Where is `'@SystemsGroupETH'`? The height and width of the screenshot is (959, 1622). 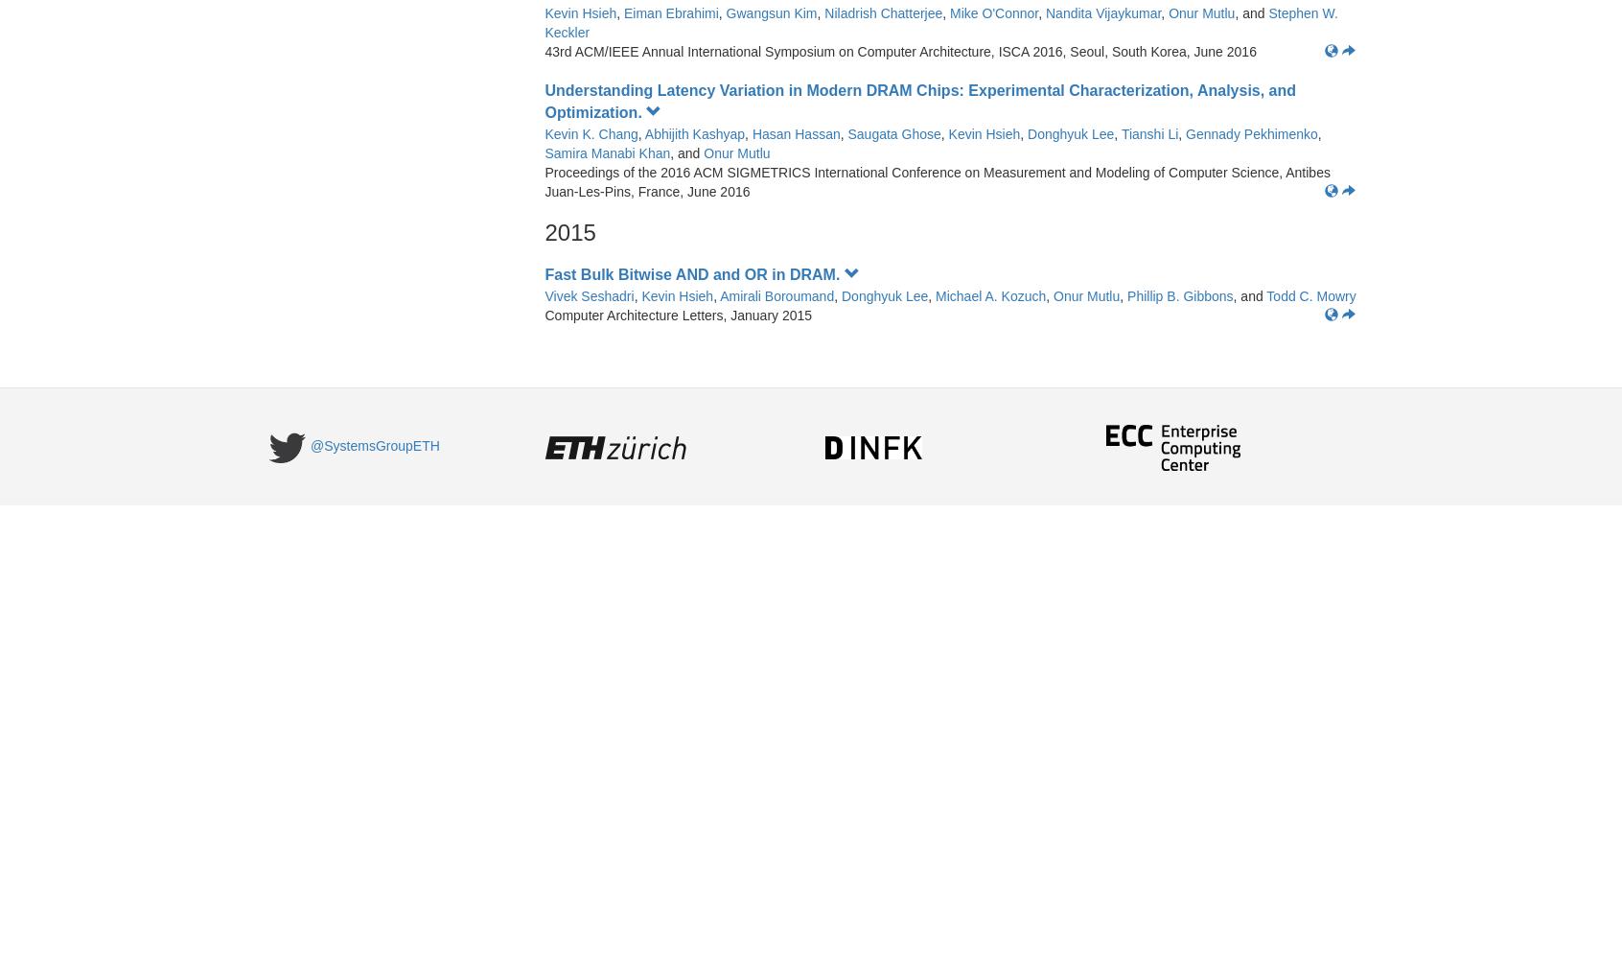 '@SystemsGroupETH' is located at coordinates (310, 445).